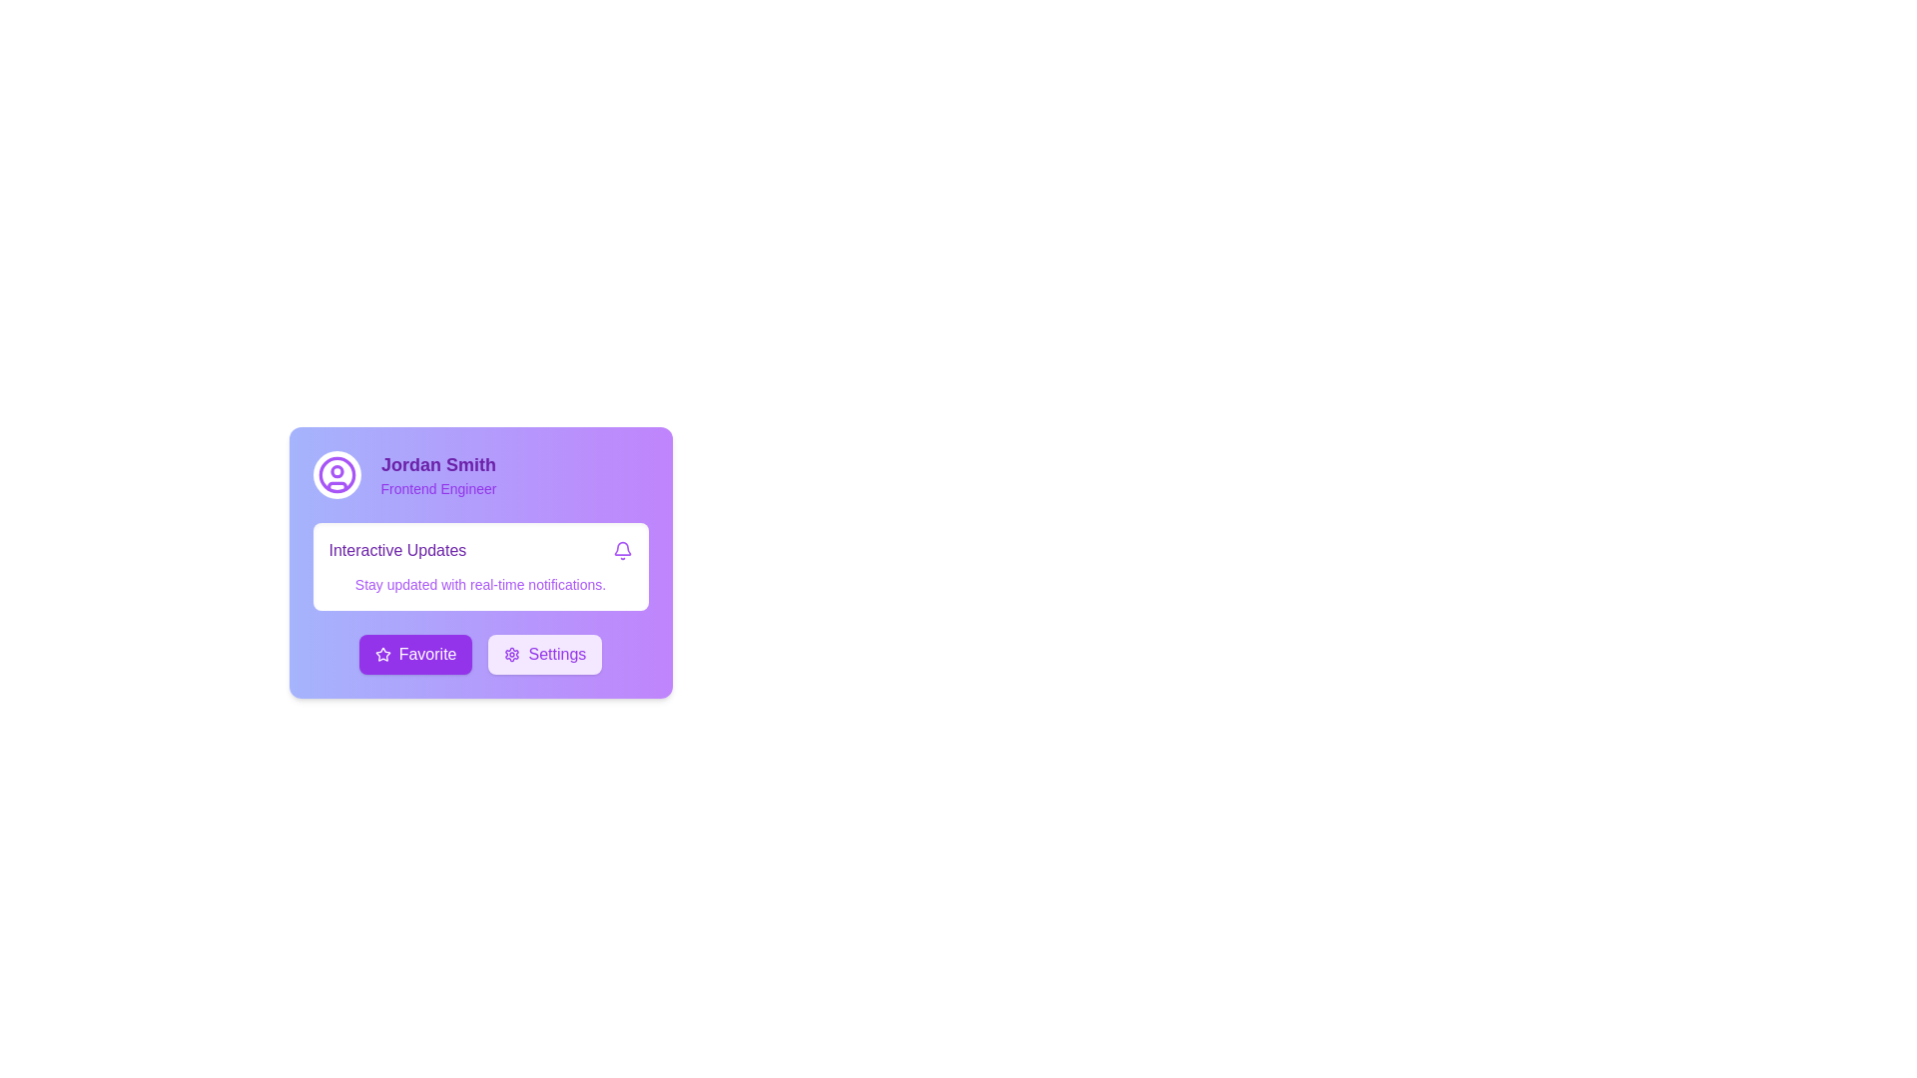 The width and height of the screenshot is (1917, 1078). Describe the element at coordinates (336, 474) in the screenshot. I see `the avatar icon representing 'Jordan Smith' from its current position` at that location.